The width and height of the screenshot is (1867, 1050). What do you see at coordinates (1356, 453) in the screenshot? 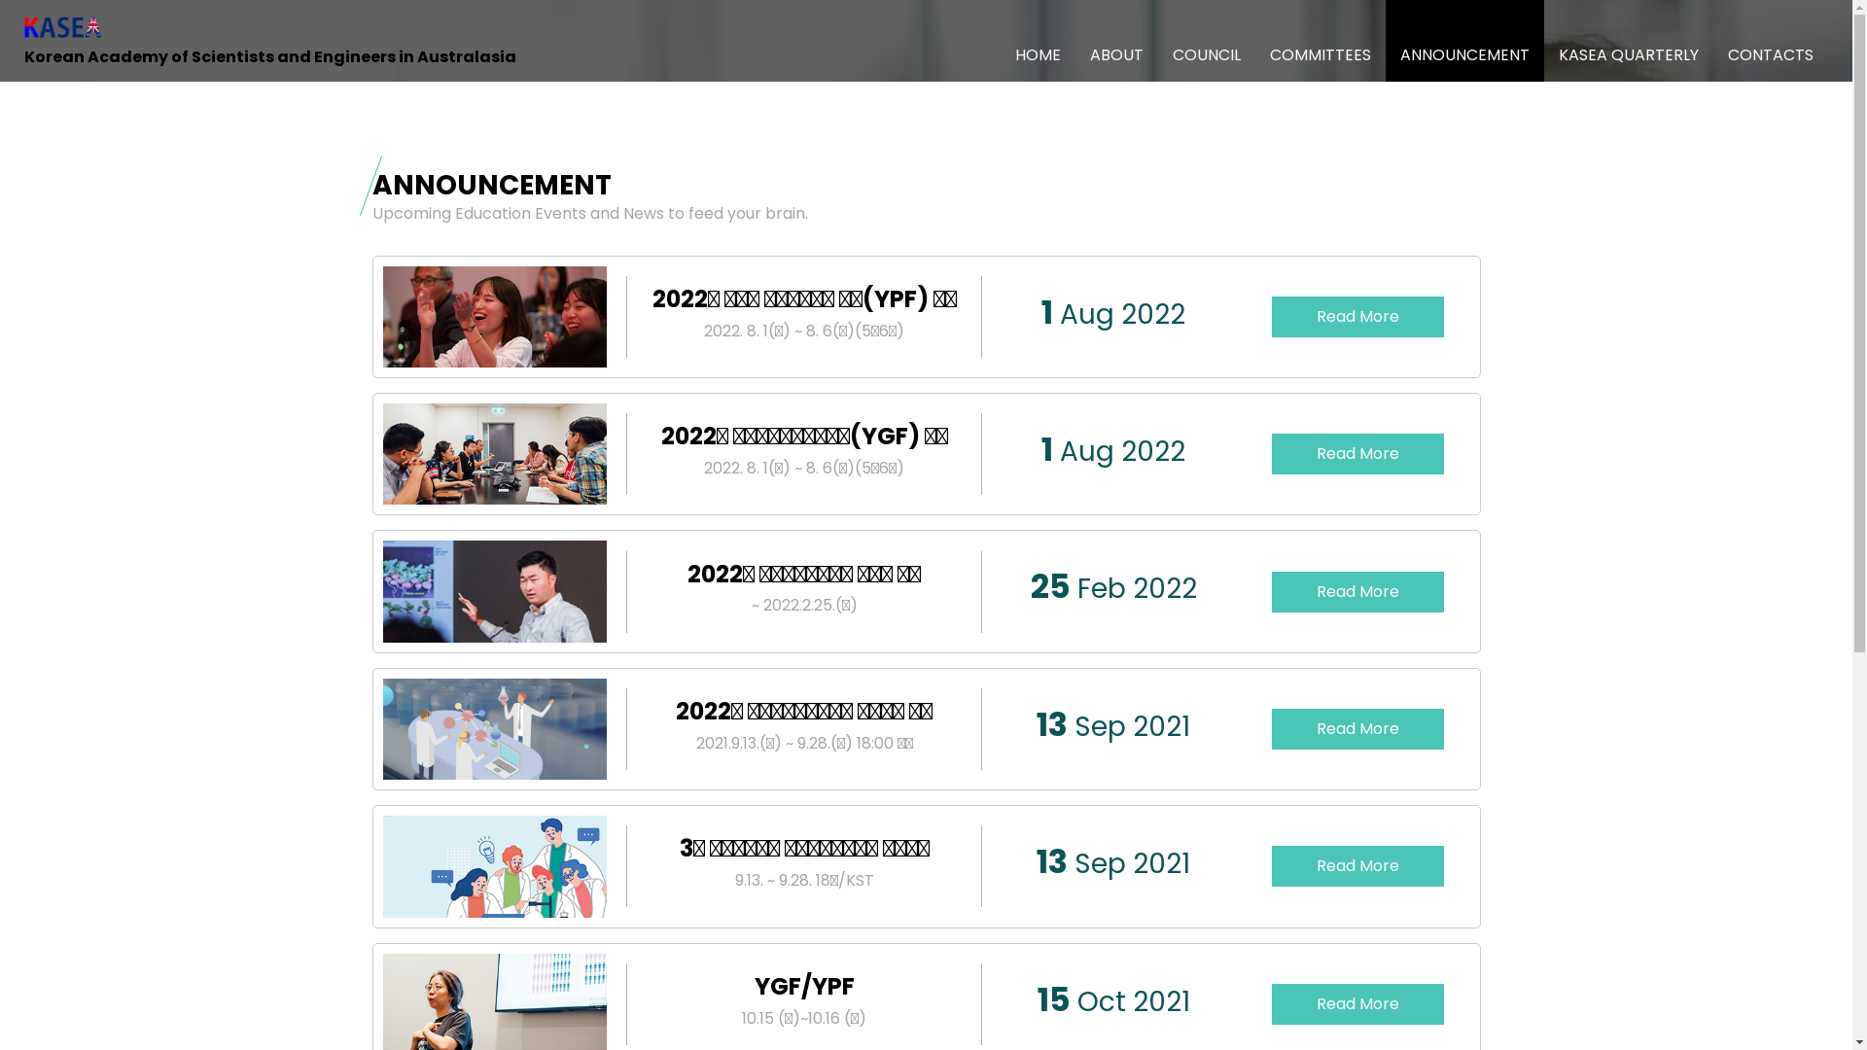
I see `'Read More'` at bounding box center [1356, 453].